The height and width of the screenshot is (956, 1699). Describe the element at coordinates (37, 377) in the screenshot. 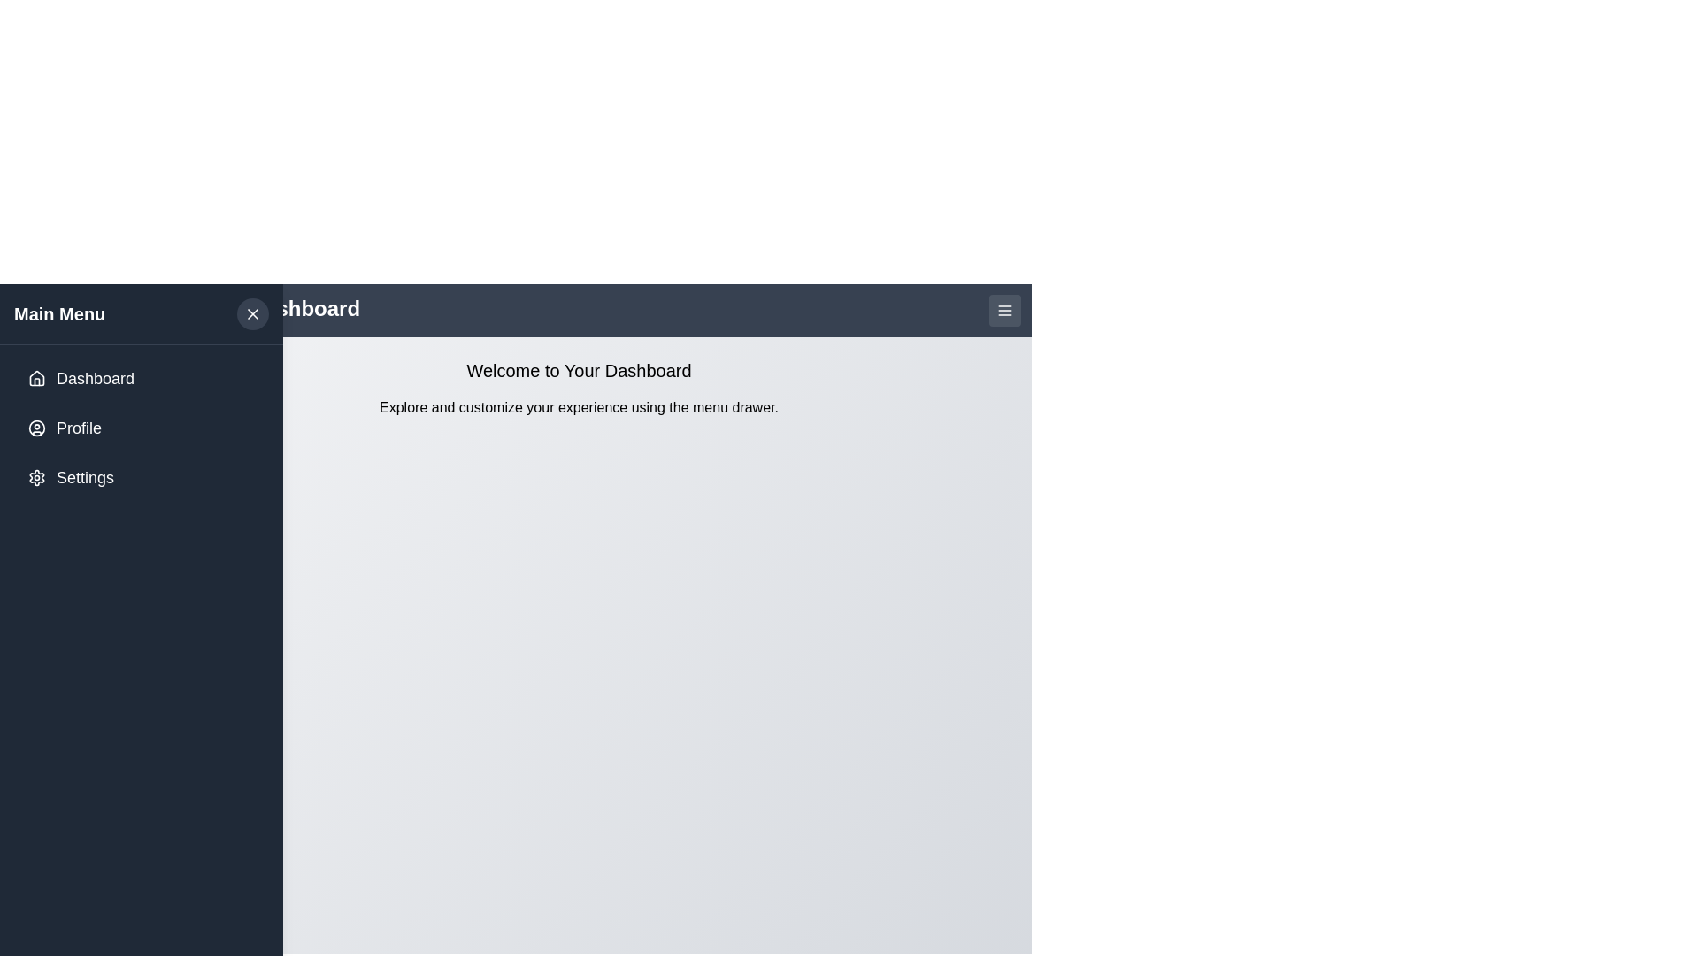

I see `the house-shaped icon located next to the 'Dashboard' text in the vertical navigation menu` at that location.